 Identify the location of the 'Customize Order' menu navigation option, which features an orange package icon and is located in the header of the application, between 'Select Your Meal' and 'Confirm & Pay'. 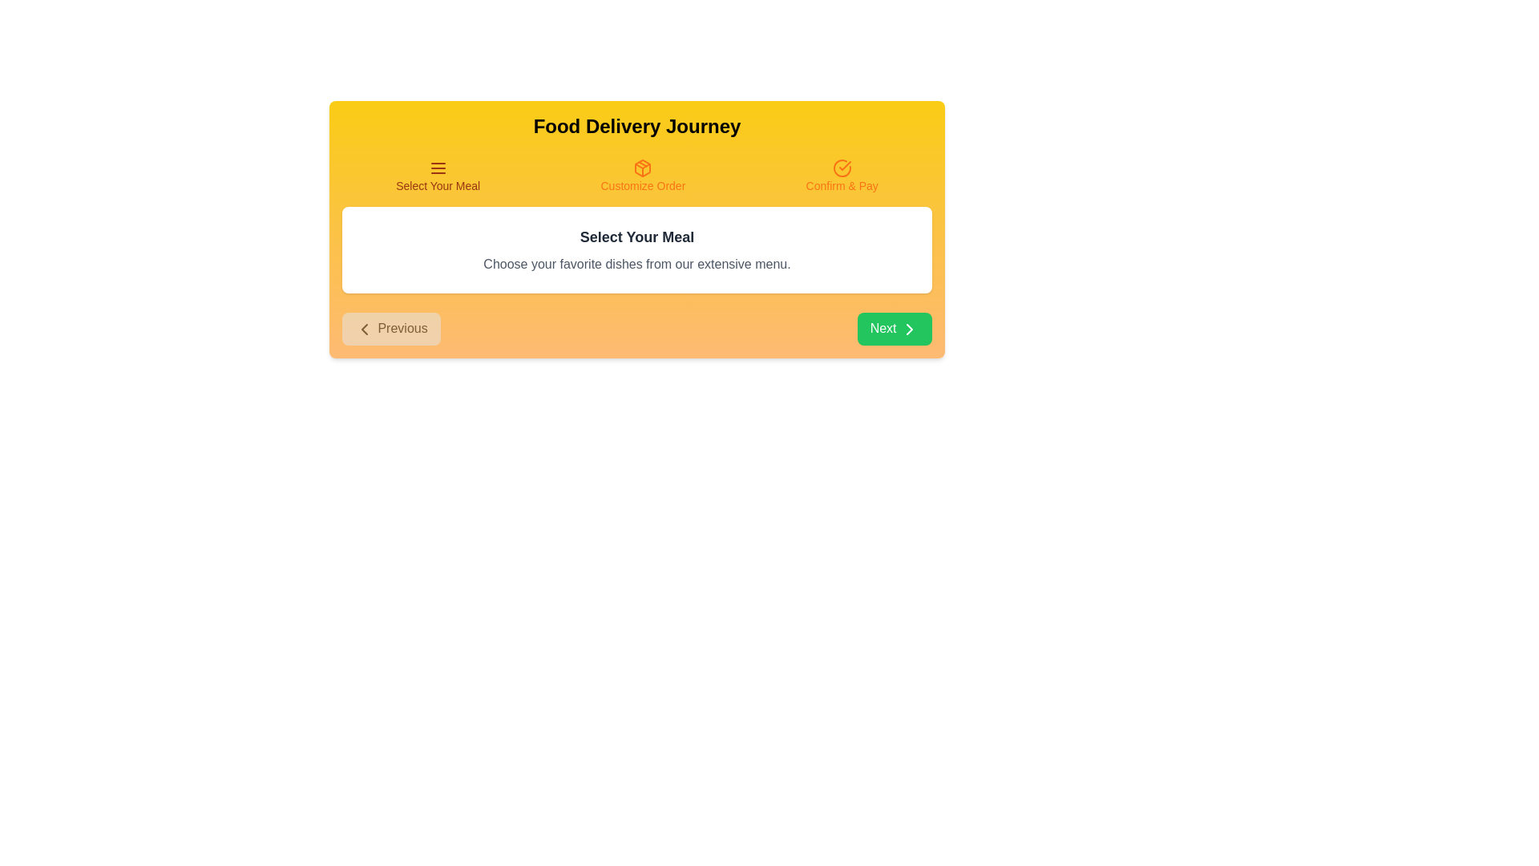
(643, 176).